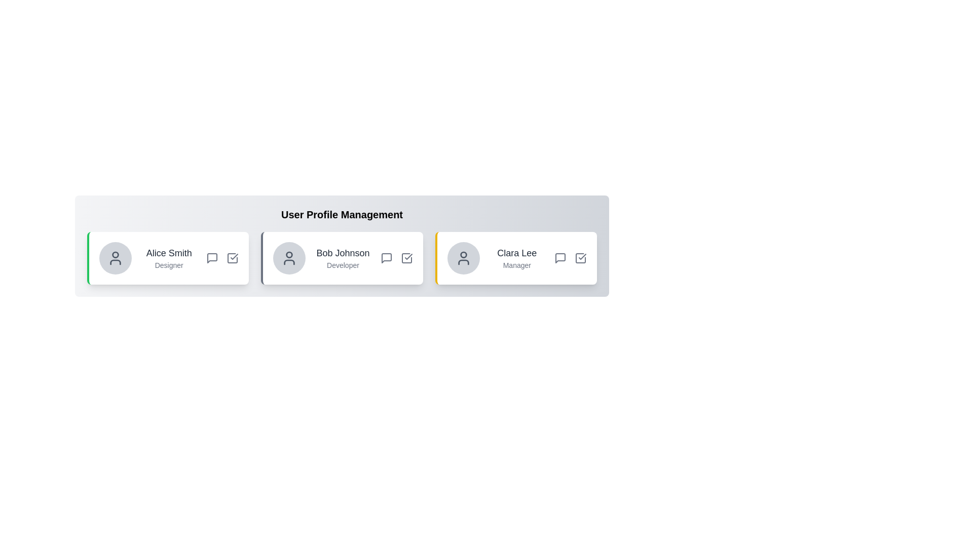 The image size is (973, 547). I want to click on text label displaying 'Alice Smith' and 'Designer' within the first user profile card, so click(169, 257).